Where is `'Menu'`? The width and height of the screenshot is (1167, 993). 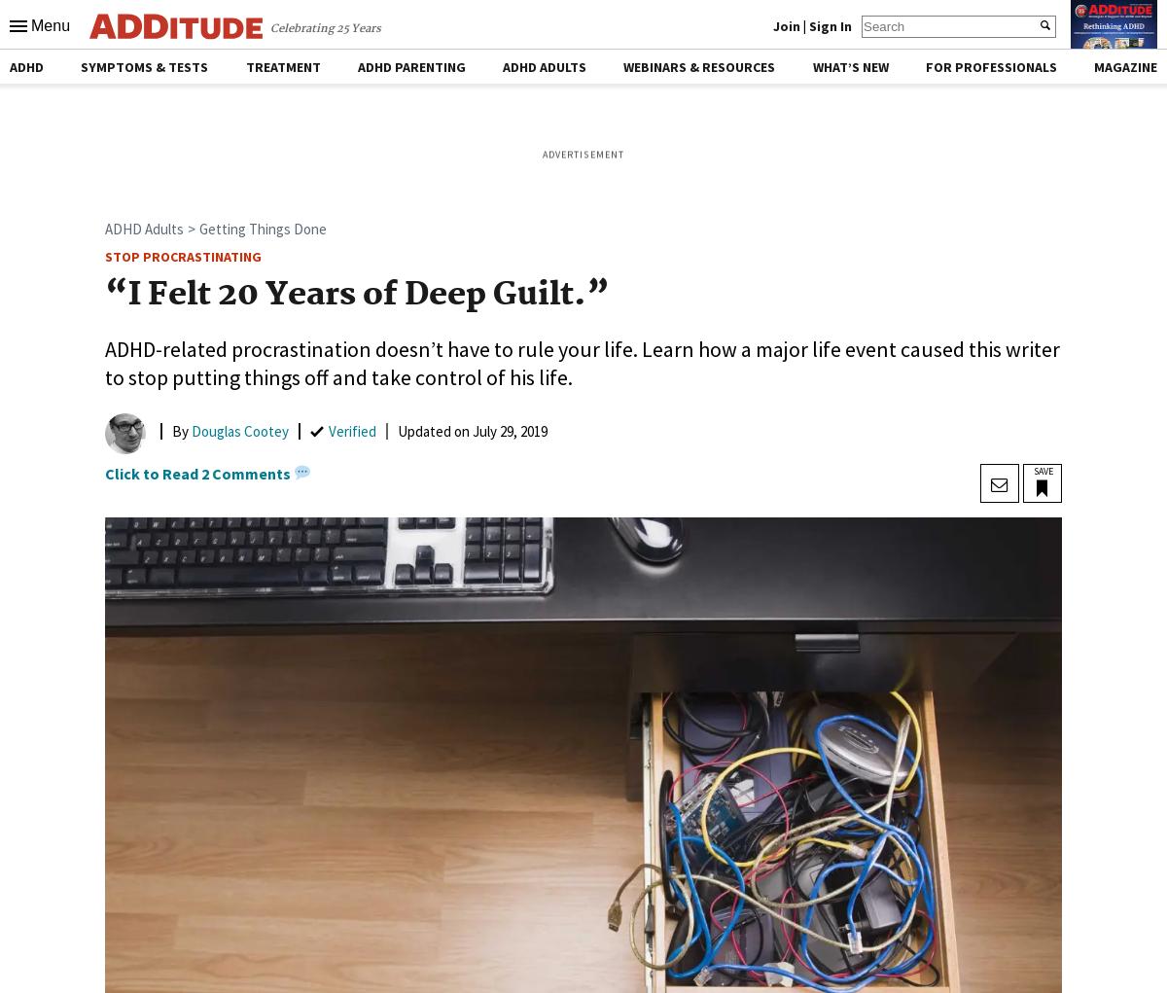
'Menu' is located at coordinates (50, 24).